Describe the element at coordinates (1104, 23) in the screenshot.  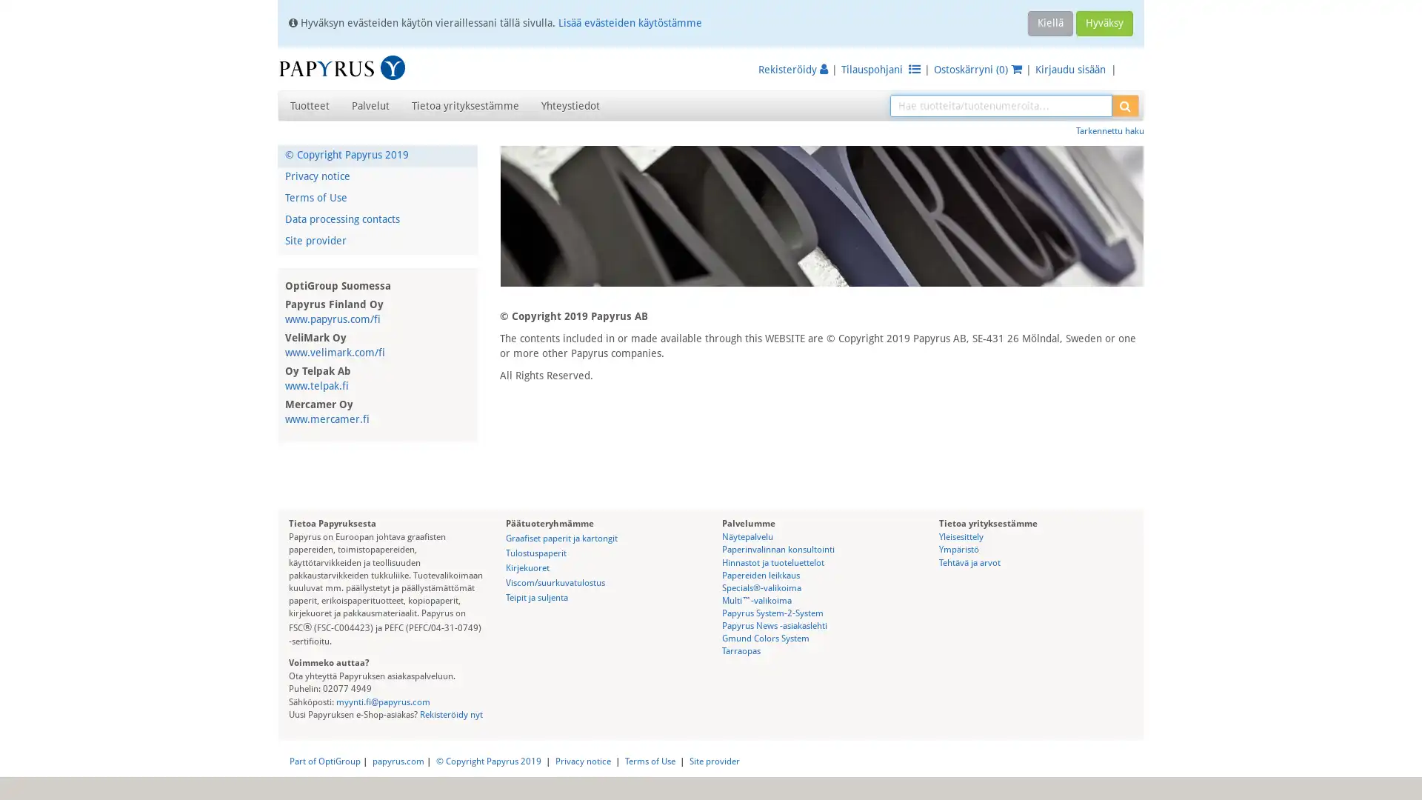
I see `Hyvaksy` at that location.